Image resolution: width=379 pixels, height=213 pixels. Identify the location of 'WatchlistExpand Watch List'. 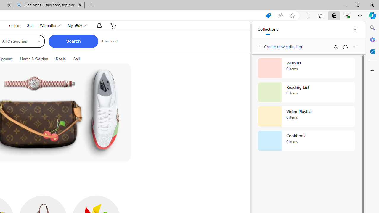
(49, 25).